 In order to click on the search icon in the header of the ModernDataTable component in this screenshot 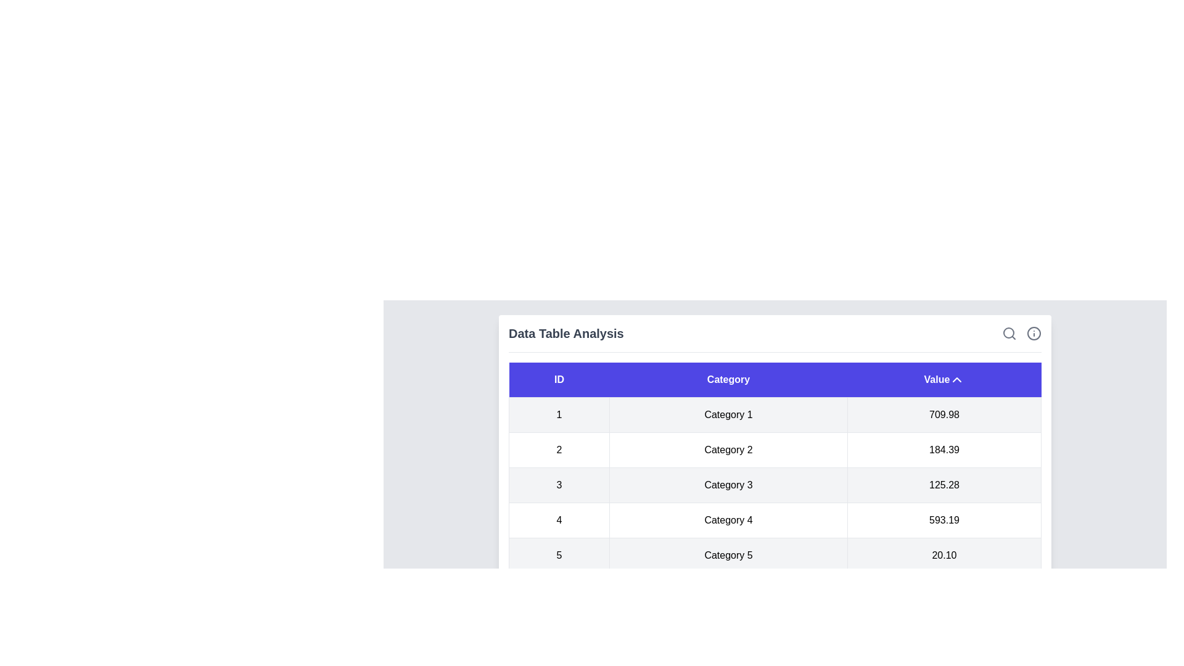, I will do `click(1009, 333)`.